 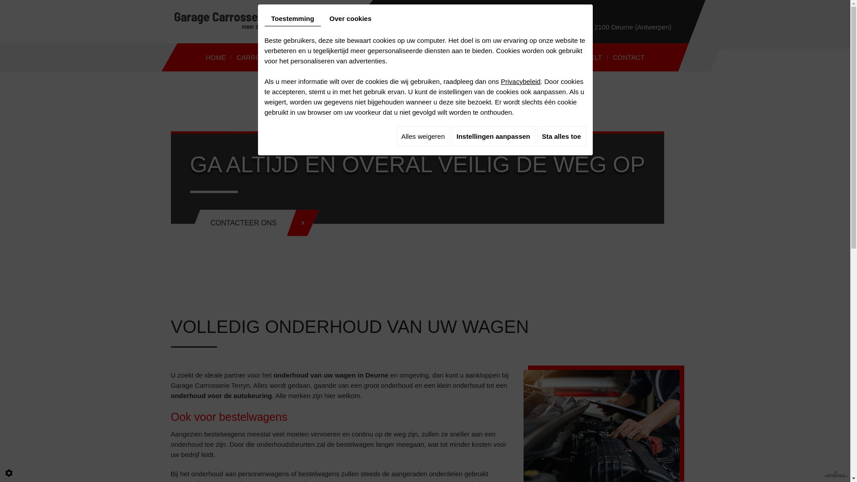 I want to click on 'Privacybeleid', so click(x=520, y=81).